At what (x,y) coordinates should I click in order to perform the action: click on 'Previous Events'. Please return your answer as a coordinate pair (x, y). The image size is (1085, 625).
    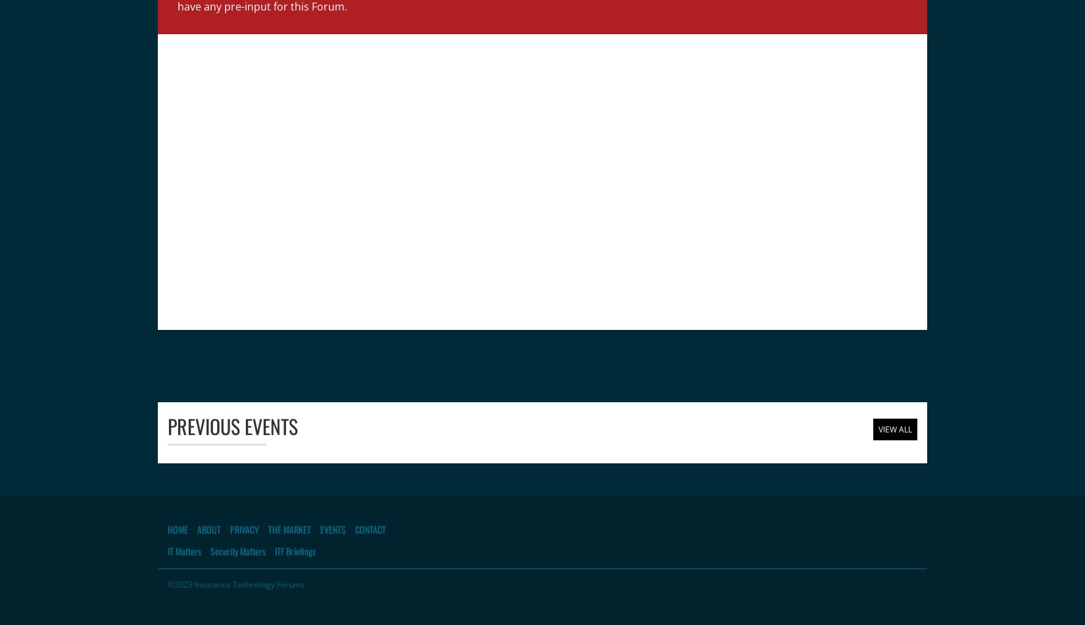
    Looking at the image, I should click on (167, 425).